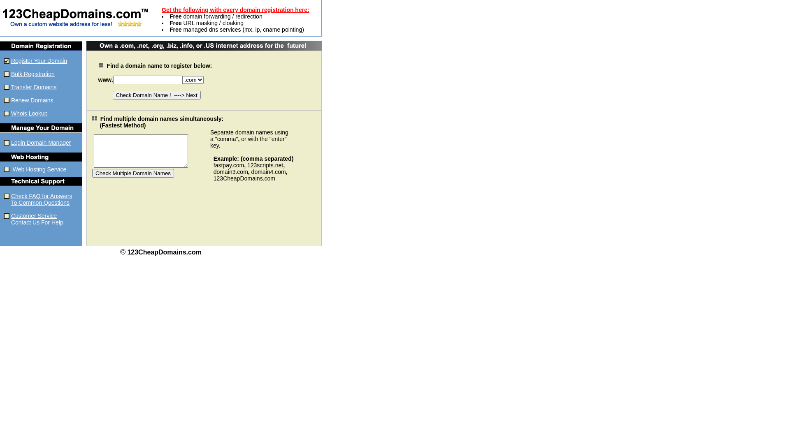 The width and height of the screenshot is (790, 444). What do you see at coordinates (156, 95) in the screenshot?
I see `'Check Domain Name !  ----> Next'` at bounding box center [156, 95].